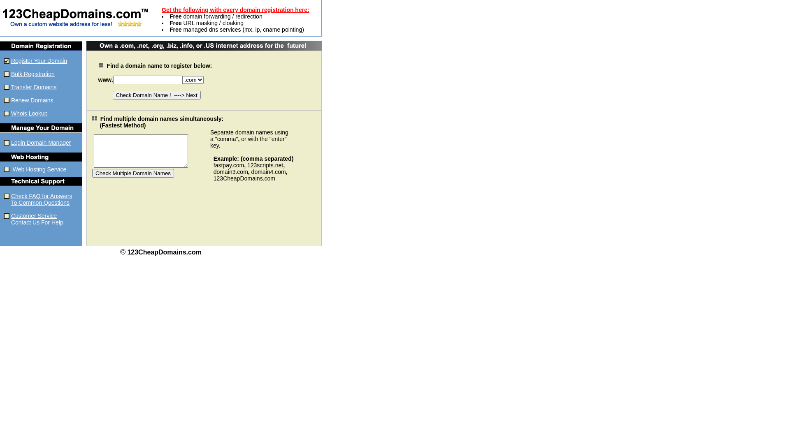 The width and height of the screenshot is (790, 444). What do you see at coordinates (156, 95) in the screenshot?
I see `'Check Domain Name !  ----> Next'` at bounding box center [156, 95].